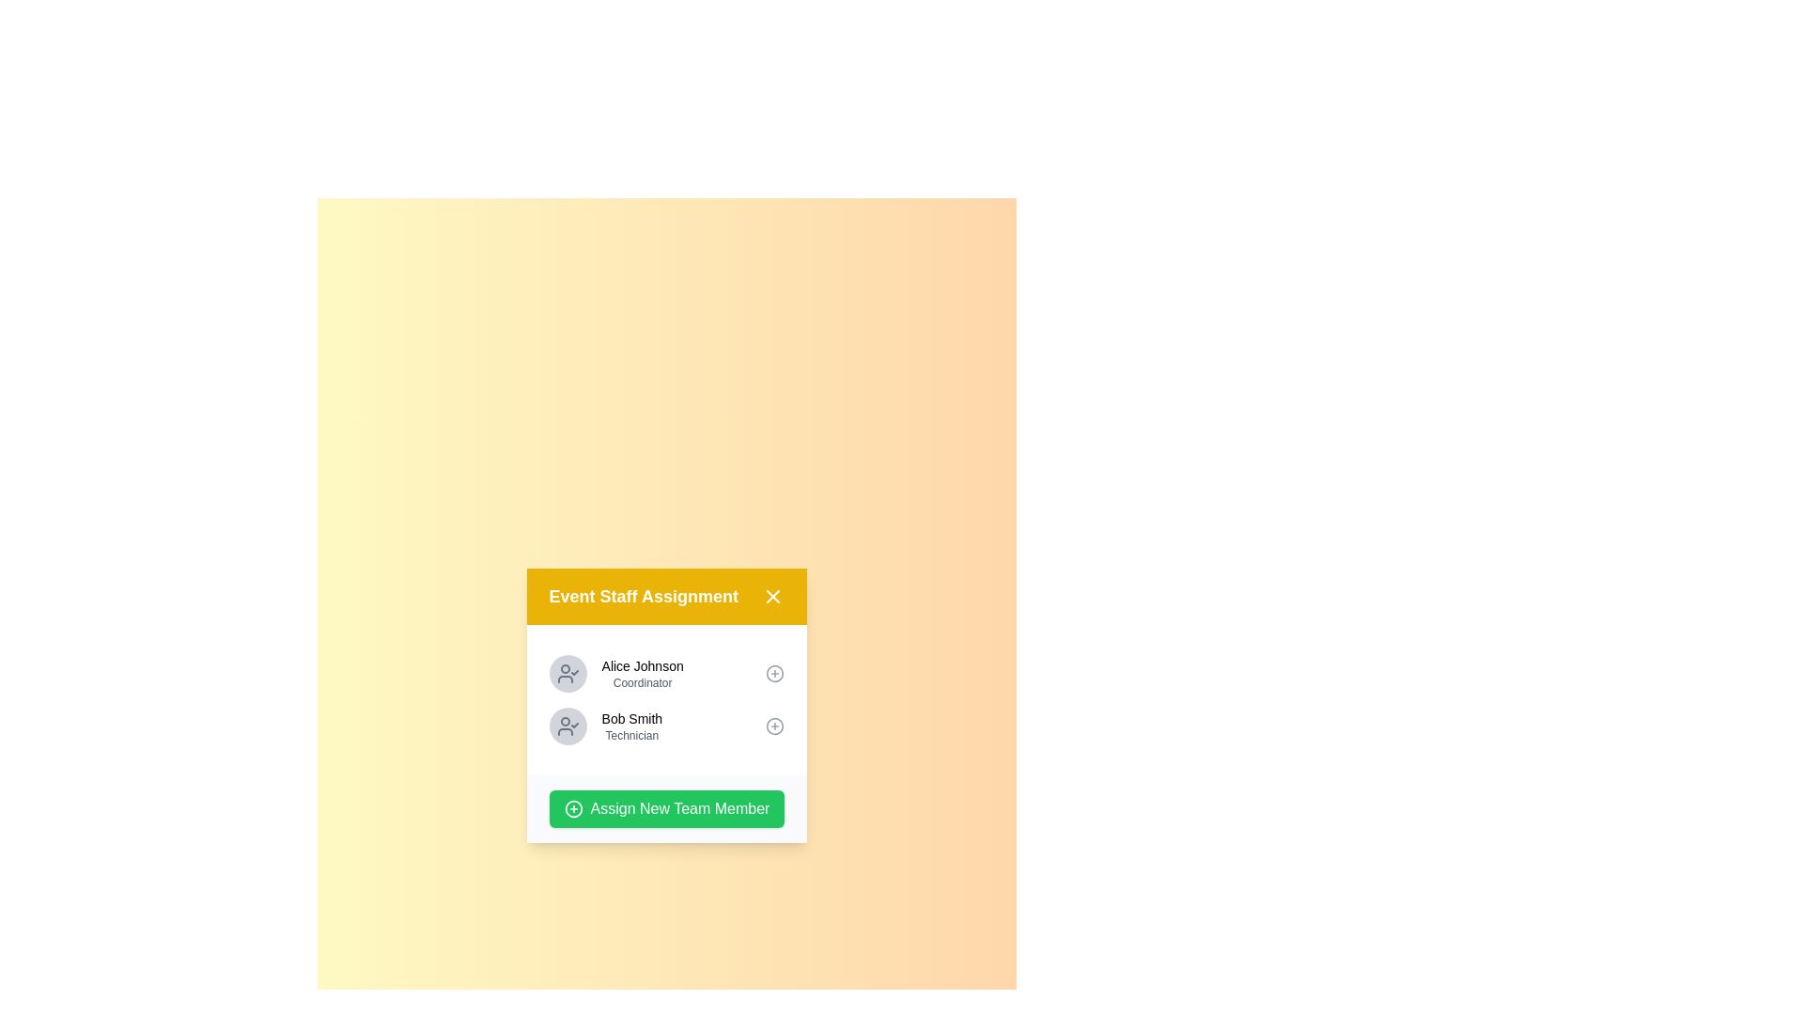 This screenshot has height=1015, width=1804. Describe the element at coordinates (667, 807) in the screenshot. I see `the 'Assign New Team Member' button to initiate the assignment process` at that location.